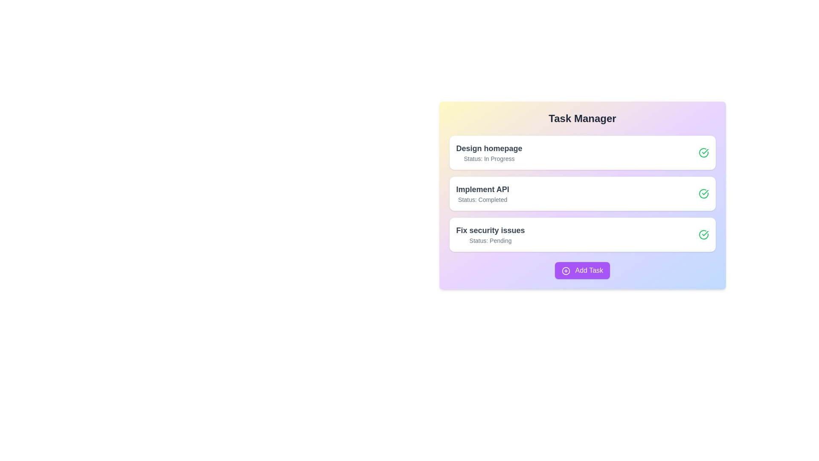  Describe the element at coordinates (582, 270) in the screenshot. I see `the 'Add Task' button to add a new task` at that location.